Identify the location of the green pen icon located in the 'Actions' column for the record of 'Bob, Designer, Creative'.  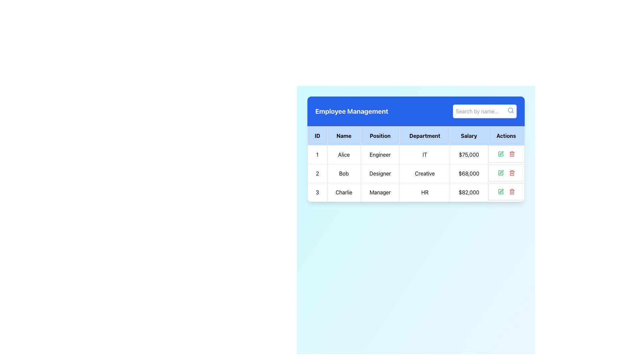
(501, 153).